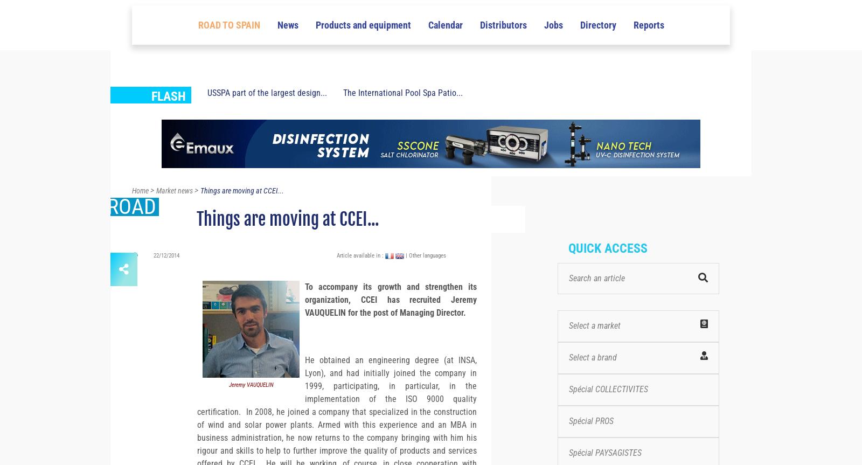 The height and width of the screenshot is (465, 862). Describe the element at coordinates (363, 77) in the screenshot. I see `'Products and equipment'` at that location.